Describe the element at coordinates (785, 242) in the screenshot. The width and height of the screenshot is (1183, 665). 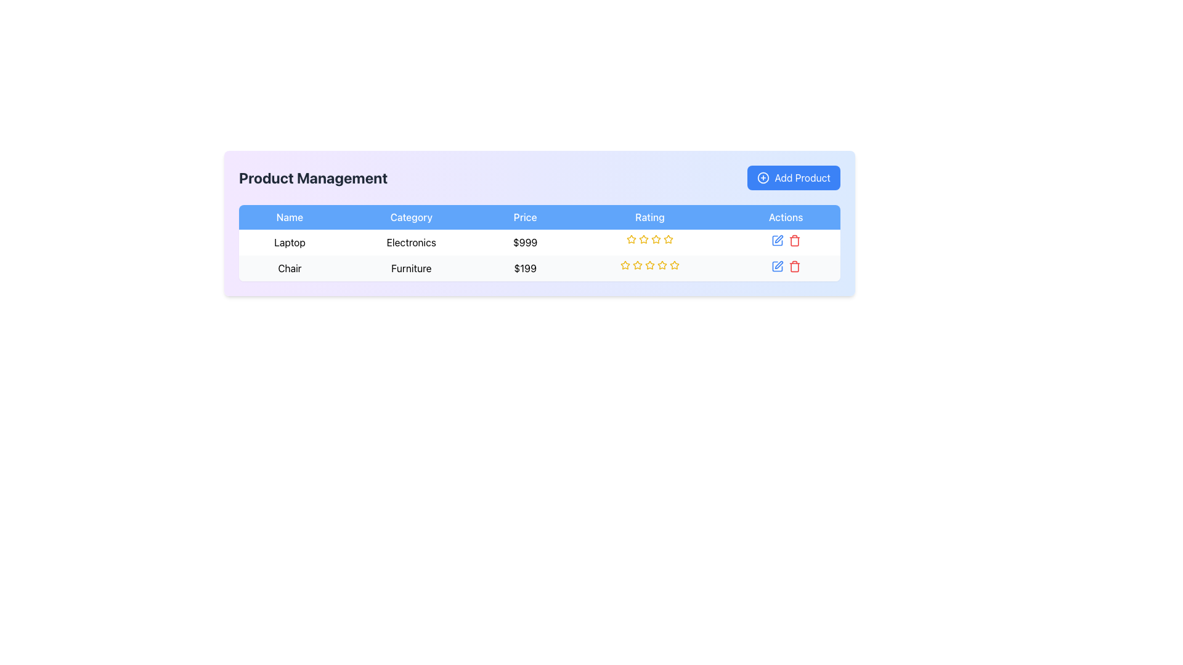
I see `the blue pen icon in the Interactive Icon Group located in the 'Actions' column of the first row in the table to initiate editing` at that location.